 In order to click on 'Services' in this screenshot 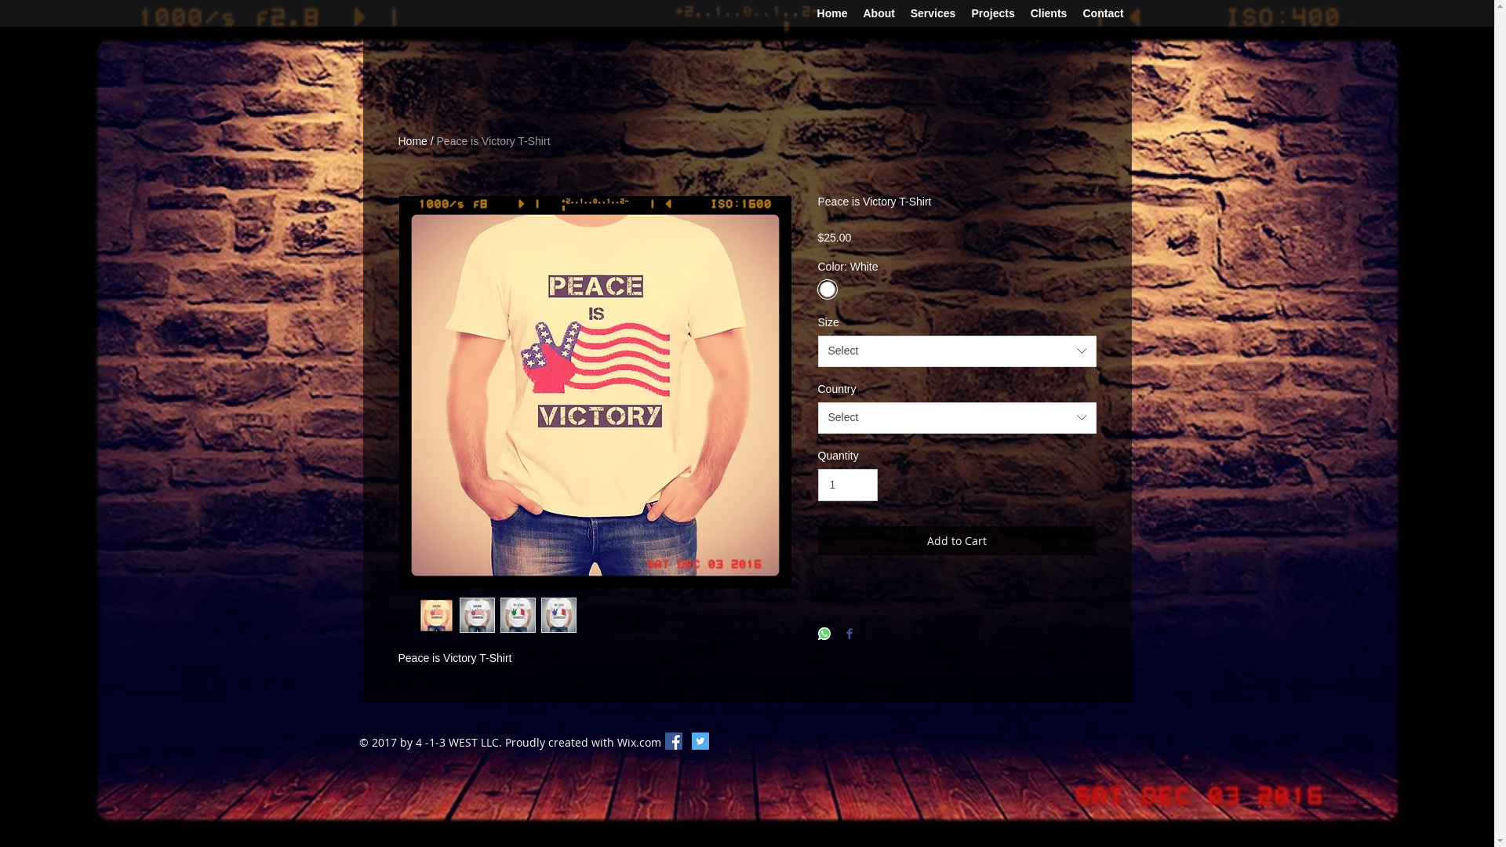, I will do `click(933, 13)`.